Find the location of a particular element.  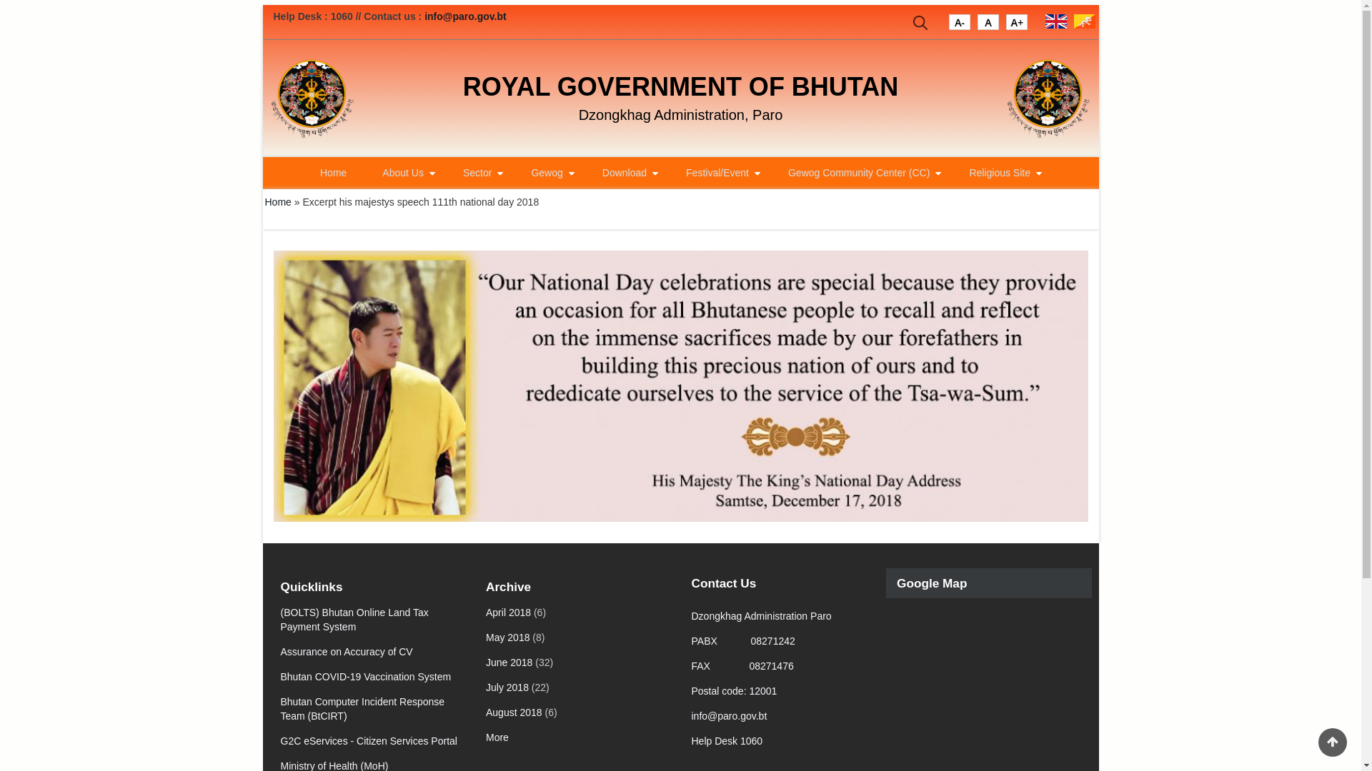

'A' is located at coordinates (960, 24).